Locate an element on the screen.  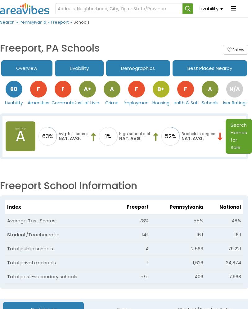
'Commute' is located at coordinates (63, 103).